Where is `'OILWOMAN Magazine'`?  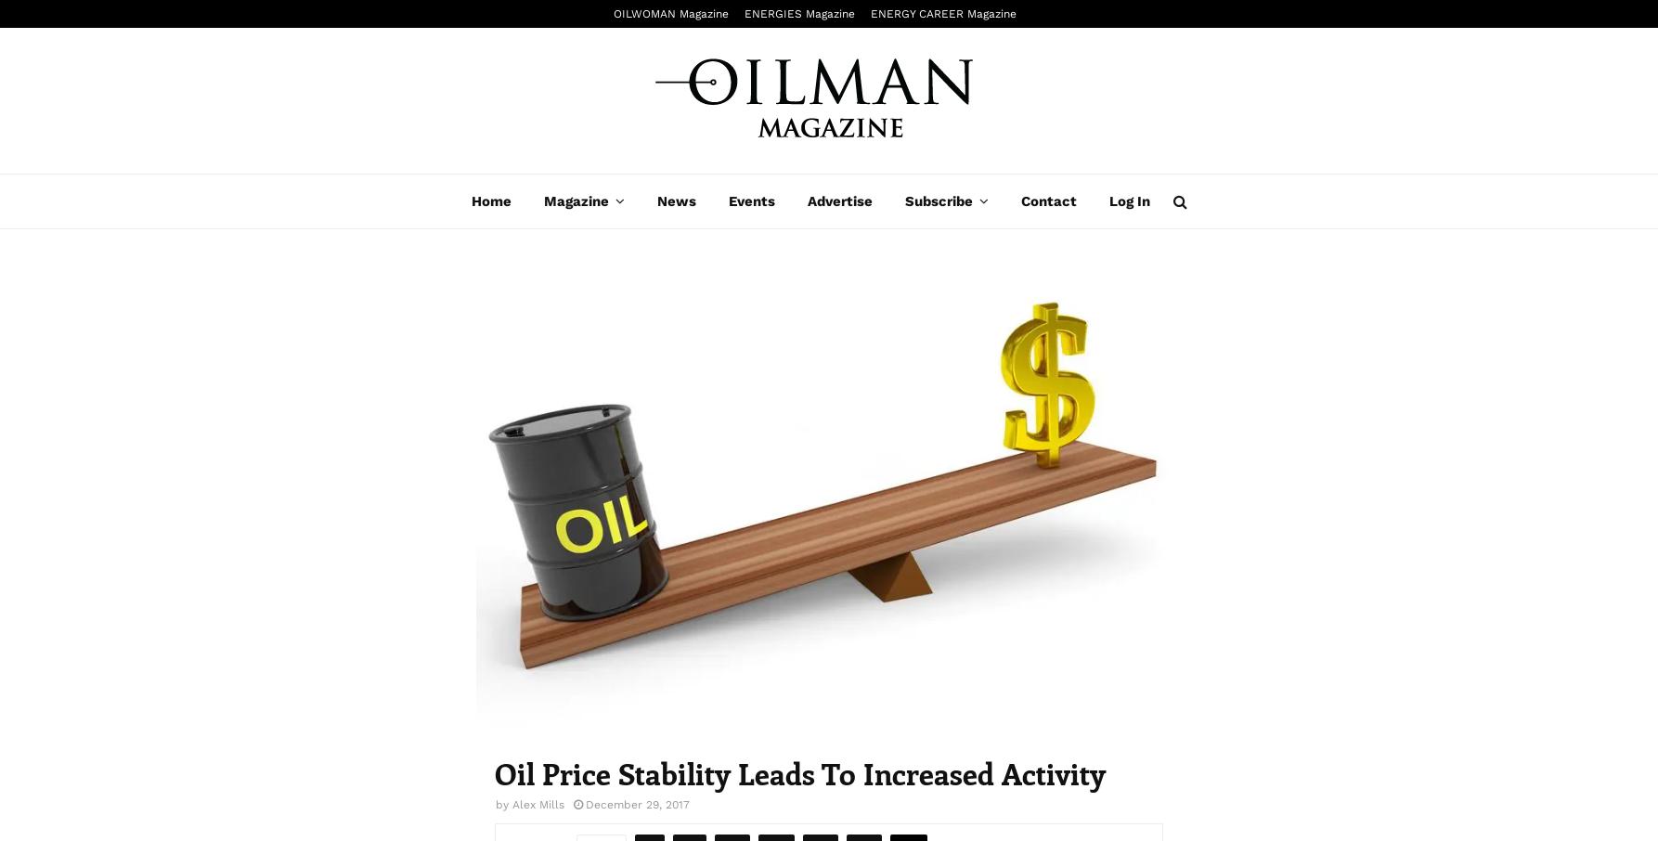 'OILWOMAN Magazine' is located at coordinates (670, 13).